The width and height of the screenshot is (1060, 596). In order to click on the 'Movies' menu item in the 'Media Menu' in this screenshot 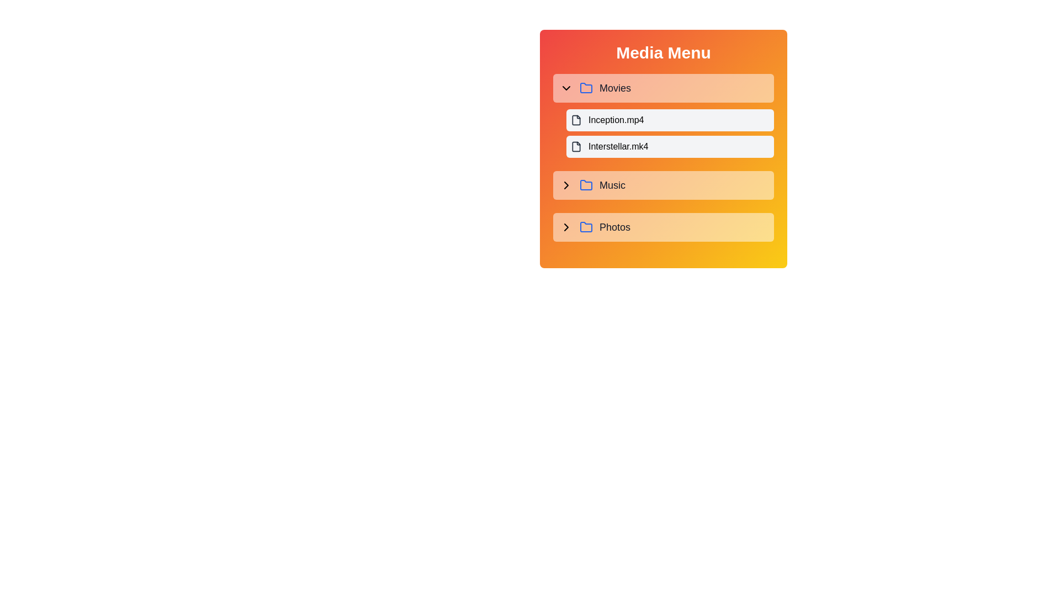, I will do `click(595, 87)`.